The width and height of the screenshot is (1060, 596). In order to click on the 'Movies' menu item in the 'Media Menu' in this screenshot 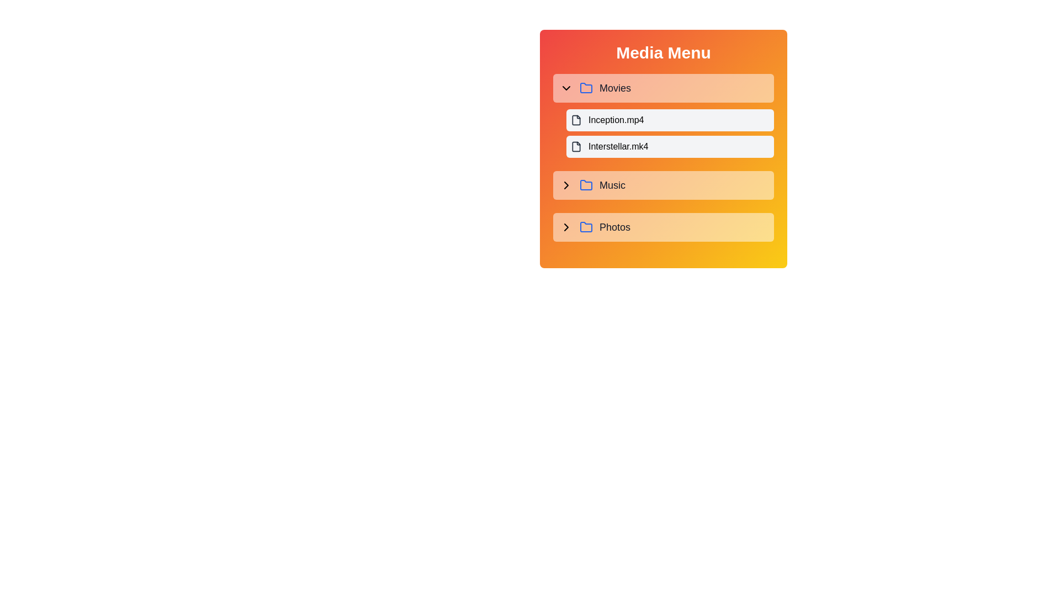, I will do `click(595, 87)`.